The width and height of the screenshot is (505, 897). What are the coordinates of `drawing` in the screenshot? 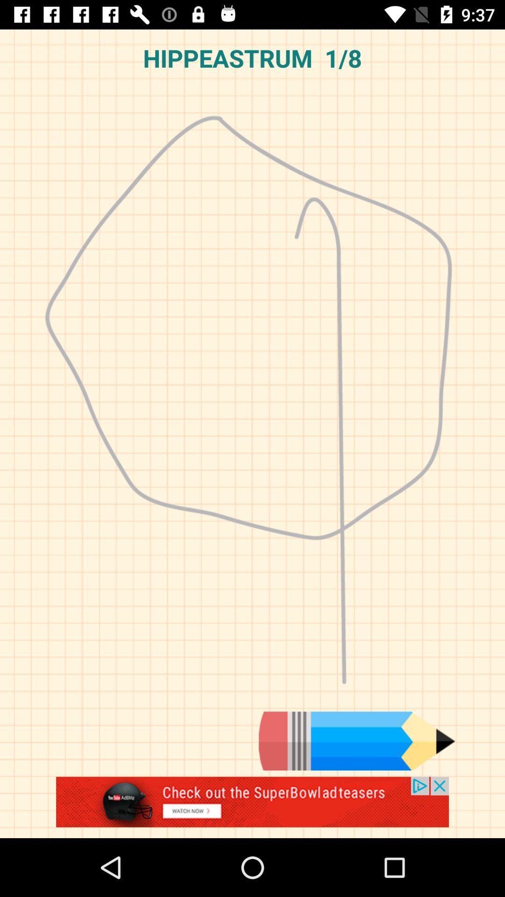 It's located at (252, 807).